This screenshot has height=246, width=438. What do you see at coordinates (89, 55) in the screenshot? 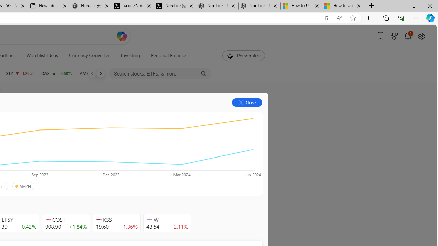
I see `'Currency Converter'` at bounding box center [89, 55].